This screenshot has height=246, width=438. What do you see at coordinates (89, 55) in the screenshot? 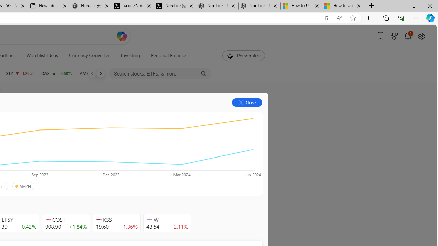
I see `'Currency Converter'` at bounding box center [89, 55].